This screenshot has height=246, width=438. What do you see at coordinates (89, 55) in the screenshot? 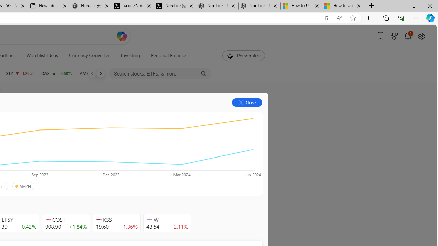
I see `'Currency Converter'` at bounding box center [89, 55].